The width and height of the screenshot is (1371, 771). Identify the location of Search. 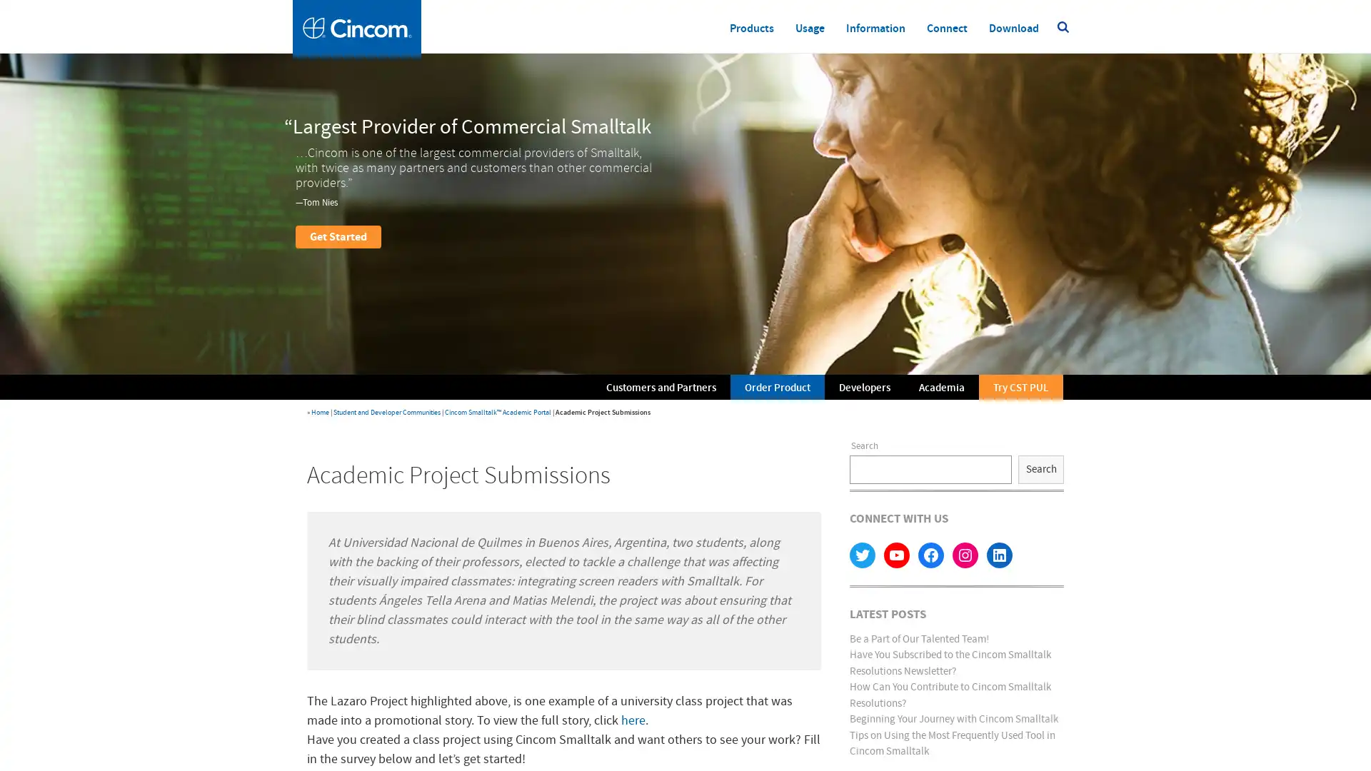
(1041, 469).